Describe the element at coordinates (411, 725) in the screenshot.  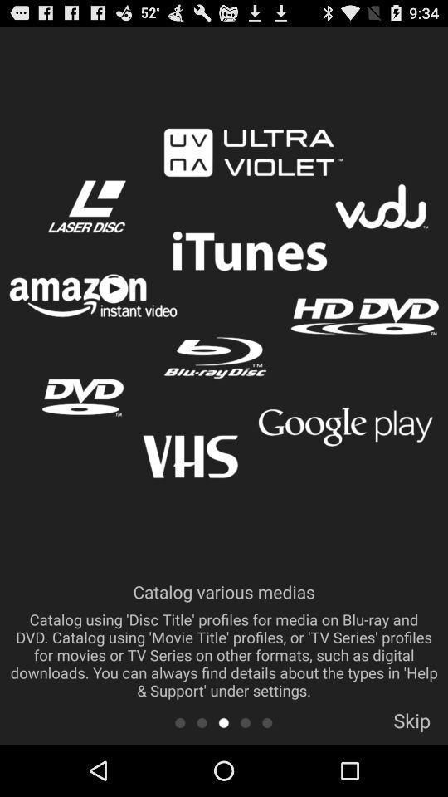
I see `item below the catalog various medias icon` at that location.